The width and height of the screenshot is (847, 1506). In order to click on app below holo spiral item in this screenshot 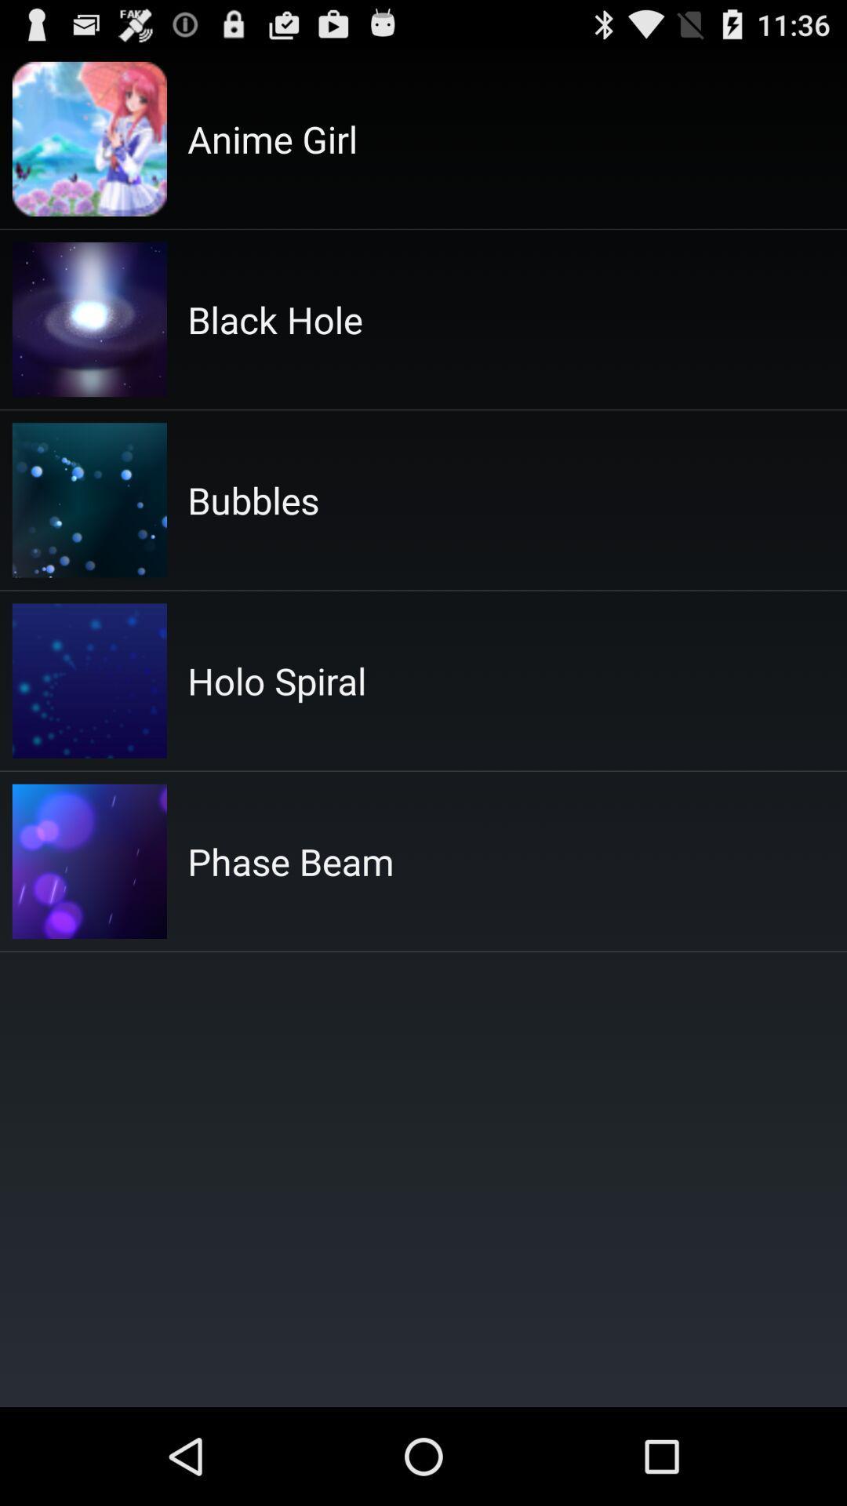, I will do `click(290, 860)`.